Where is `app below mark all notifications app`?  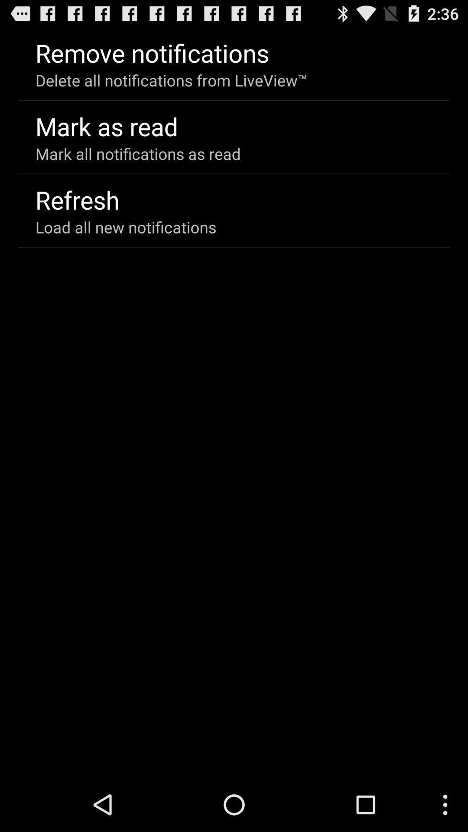
app below mark all notifications app is located at coordinates (77, 199).